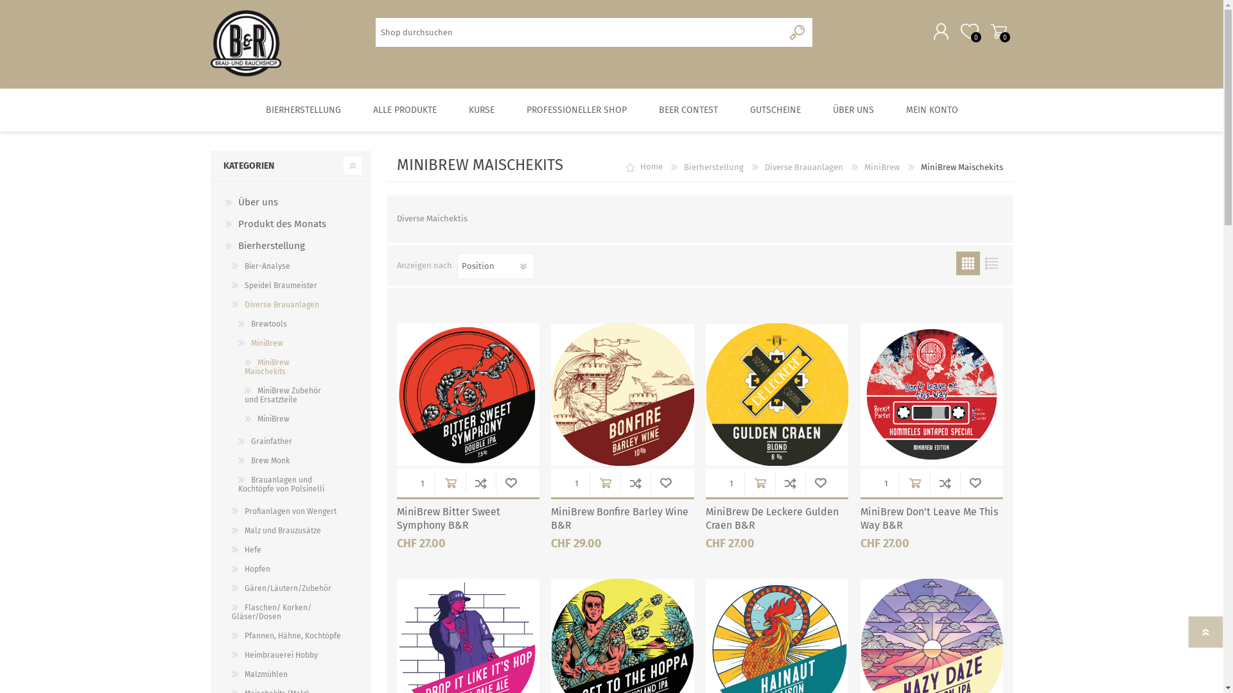  Describe the element at coordinates (260, 343) in the screenshot. I see `'MiniBrew'` at that location.